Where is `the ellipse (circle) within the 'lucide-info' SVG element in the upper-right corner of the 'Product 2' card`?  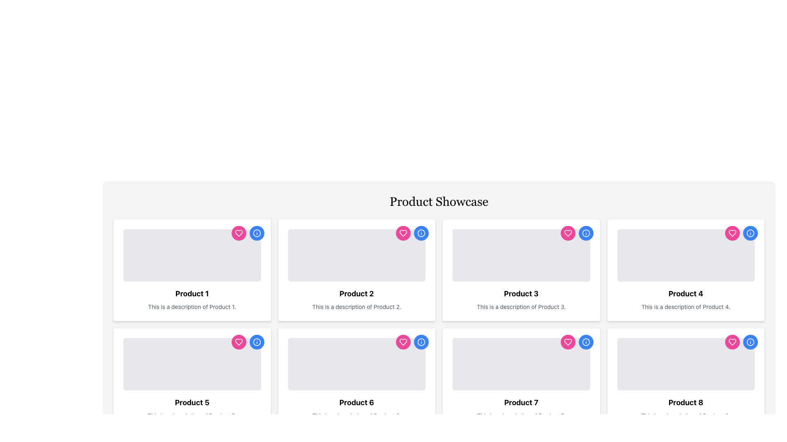 the ellipse (circle) within the 'lucide-info' SVG element in the upper-right corner of the 'Product 2' card is located at coordinates (421, 233).